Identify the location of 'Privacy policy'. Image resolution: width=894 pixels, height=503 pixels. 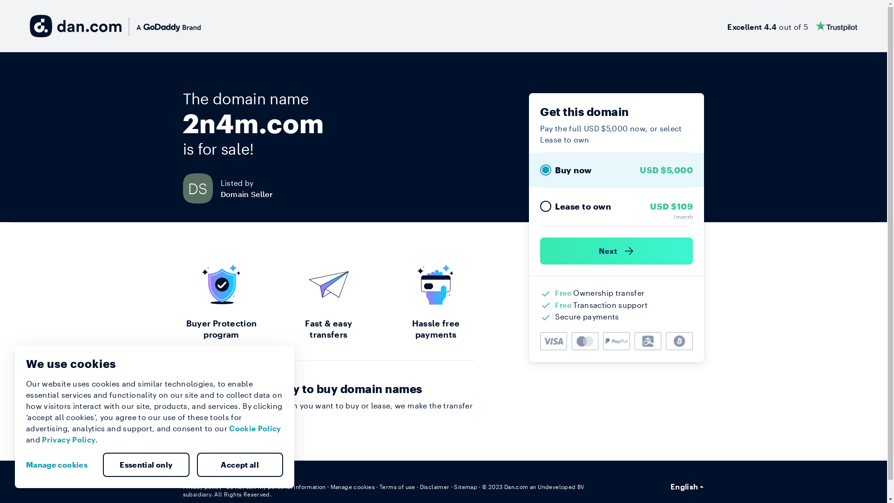
(201, 486).